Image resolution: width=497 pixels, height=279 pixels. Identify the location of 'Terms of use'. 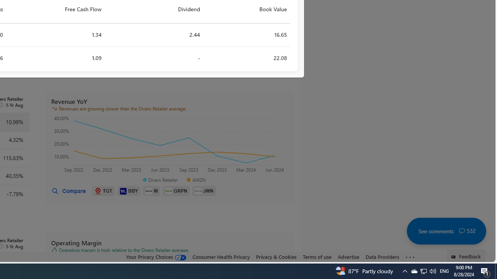
(317, 257).